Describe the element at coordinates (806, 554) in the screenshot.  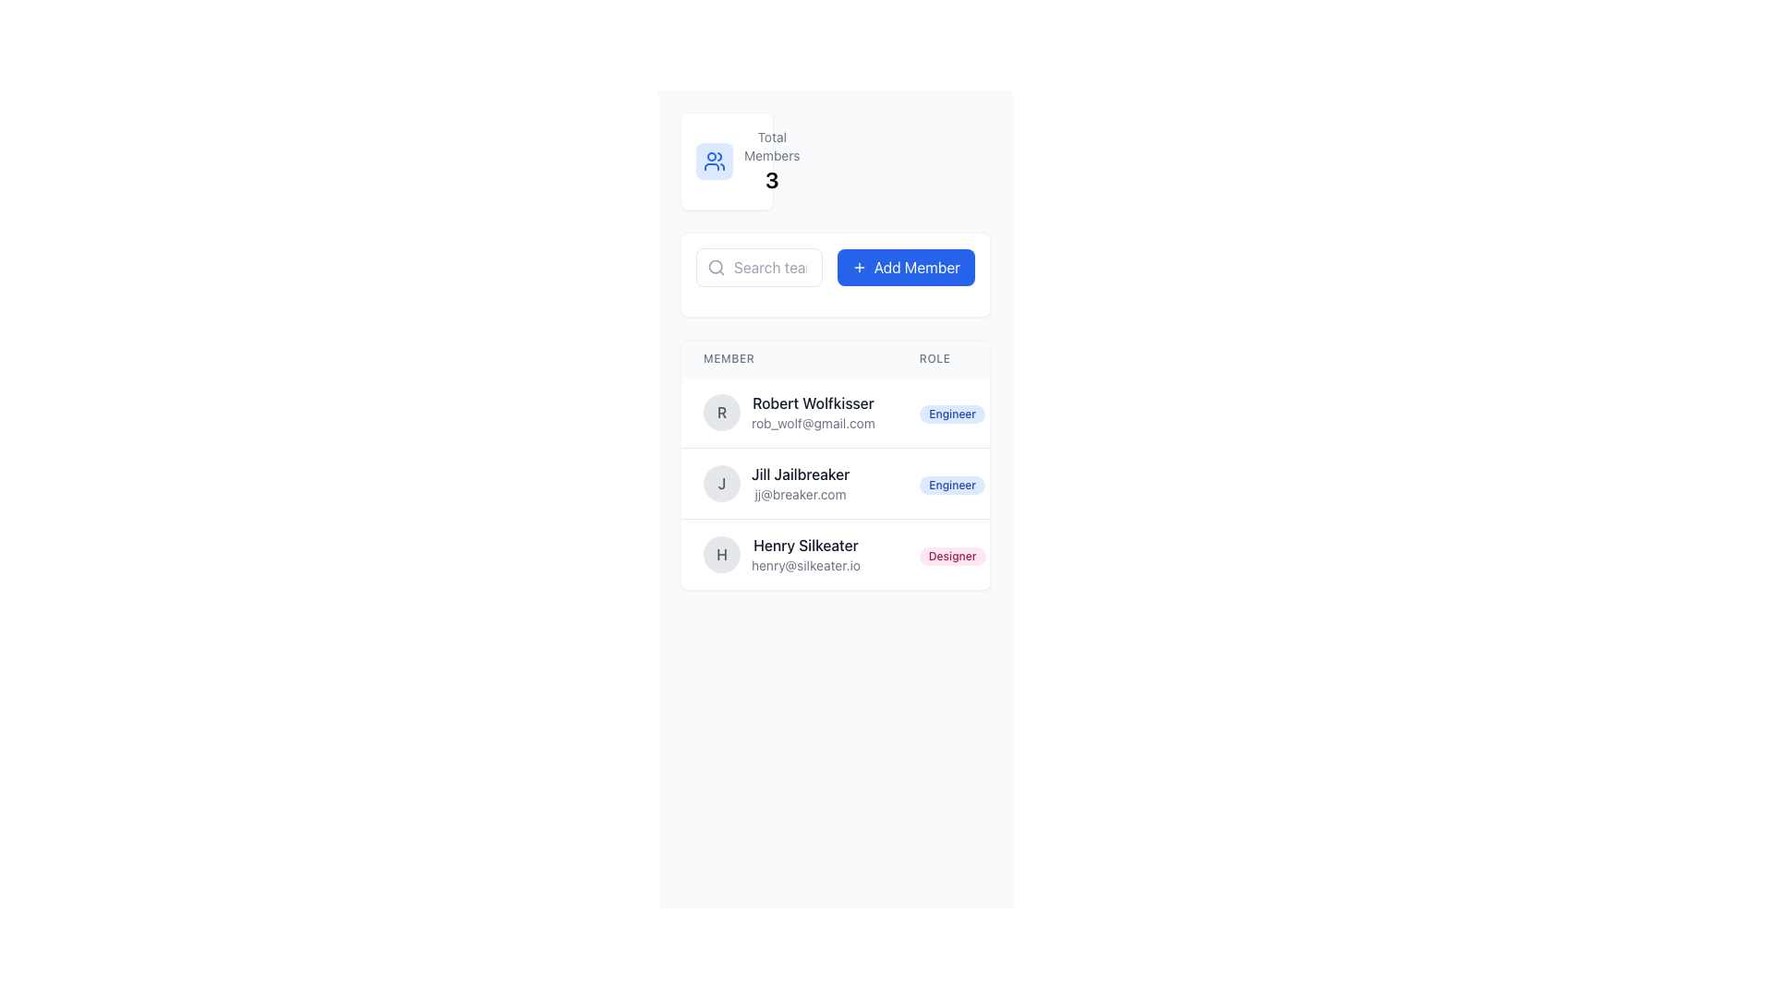
I see `the name or email address displayed in the text block for the user listed in the third row of the members' list to copy it` at that location.